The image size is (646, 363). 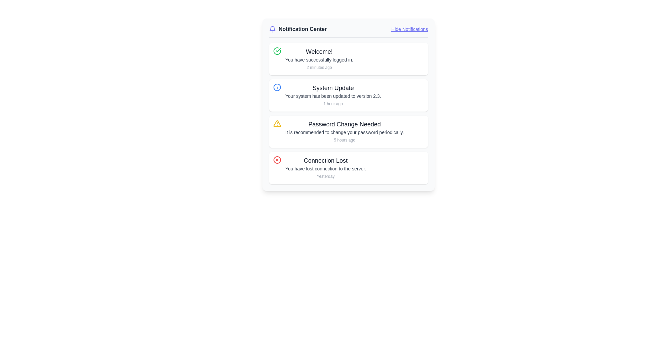 I want to click on the Text Label that states 'Your system has been updated to version 2.3.', which is located below the 'System Update' title and above the timestamp '1 hour ago', so click(x=333, y=96).